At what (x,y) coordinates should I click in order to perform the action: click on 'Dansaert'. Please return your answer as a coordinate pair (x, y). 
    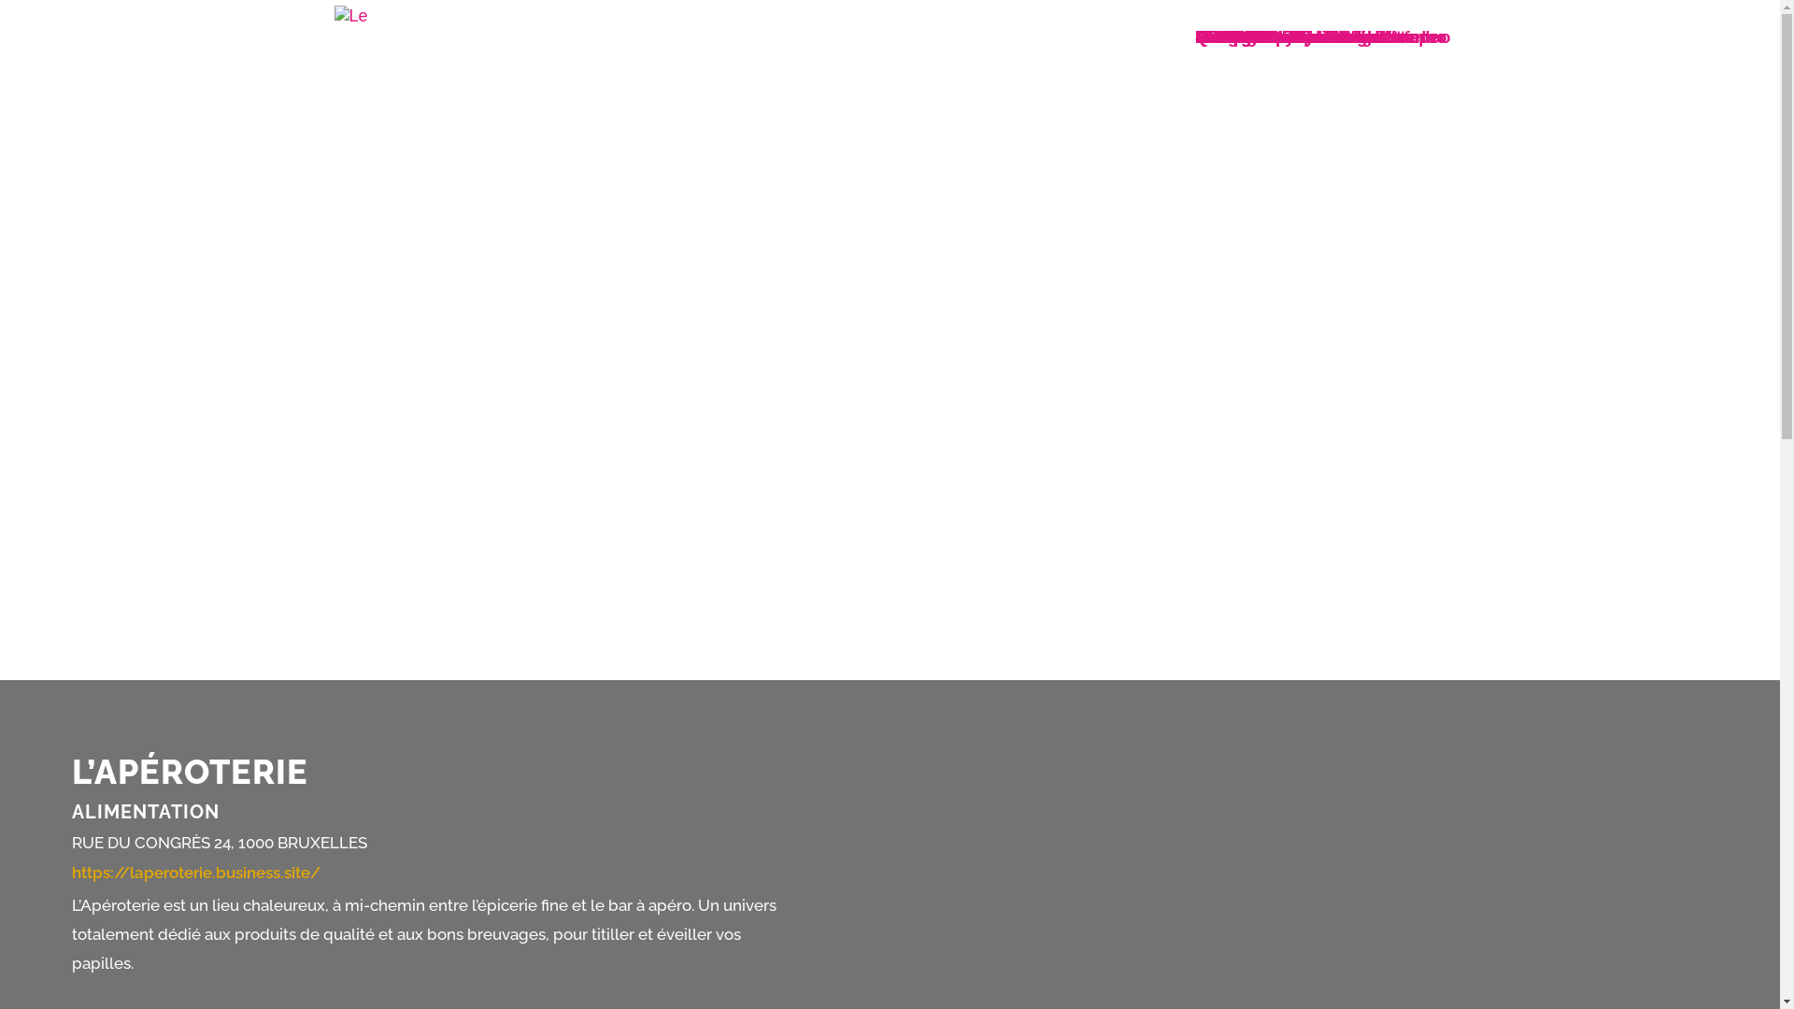
    Looking at the image, I should click on (1193, 36).